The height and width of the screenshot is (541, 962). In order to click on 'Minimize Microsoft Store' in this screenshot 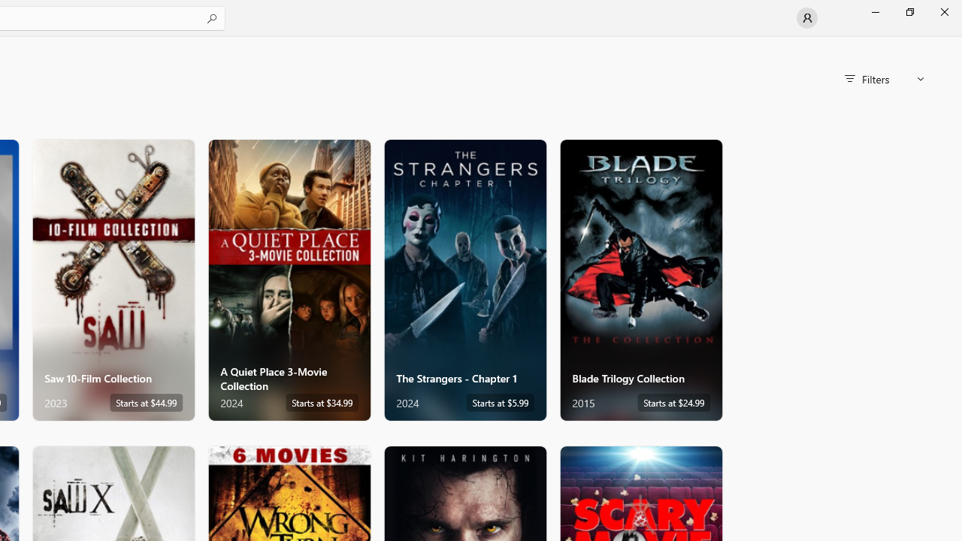, I will do `click(875, 11)`.